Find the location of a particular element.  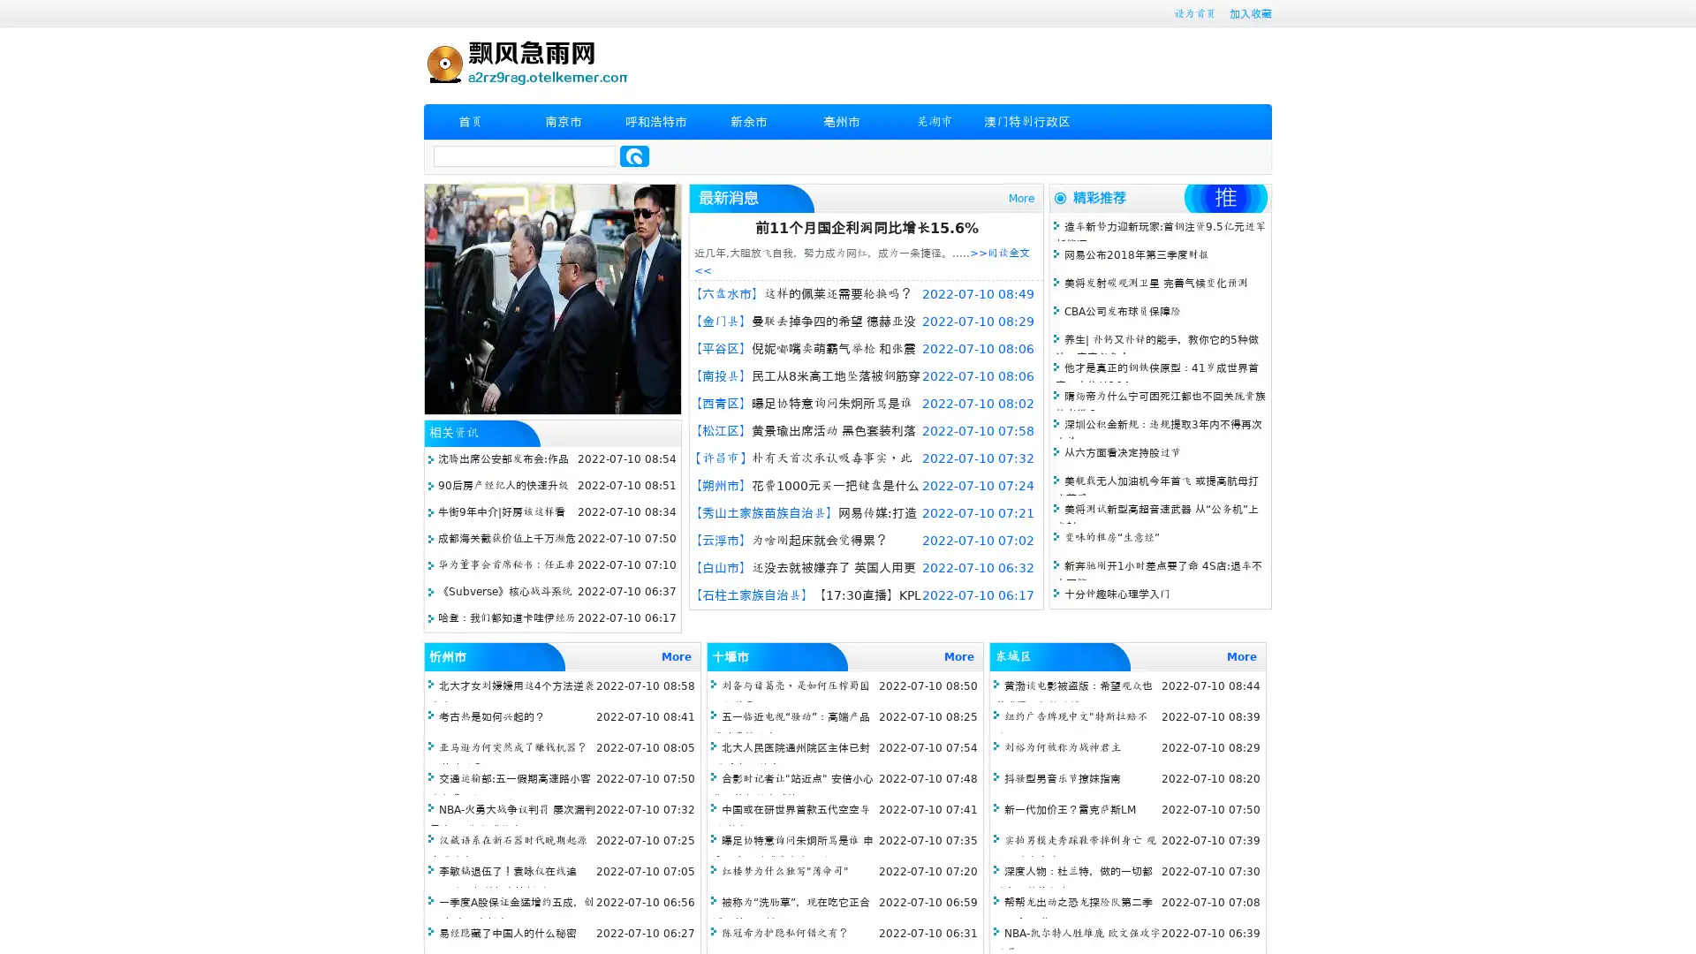

Search is located at coordinates (634, 155).